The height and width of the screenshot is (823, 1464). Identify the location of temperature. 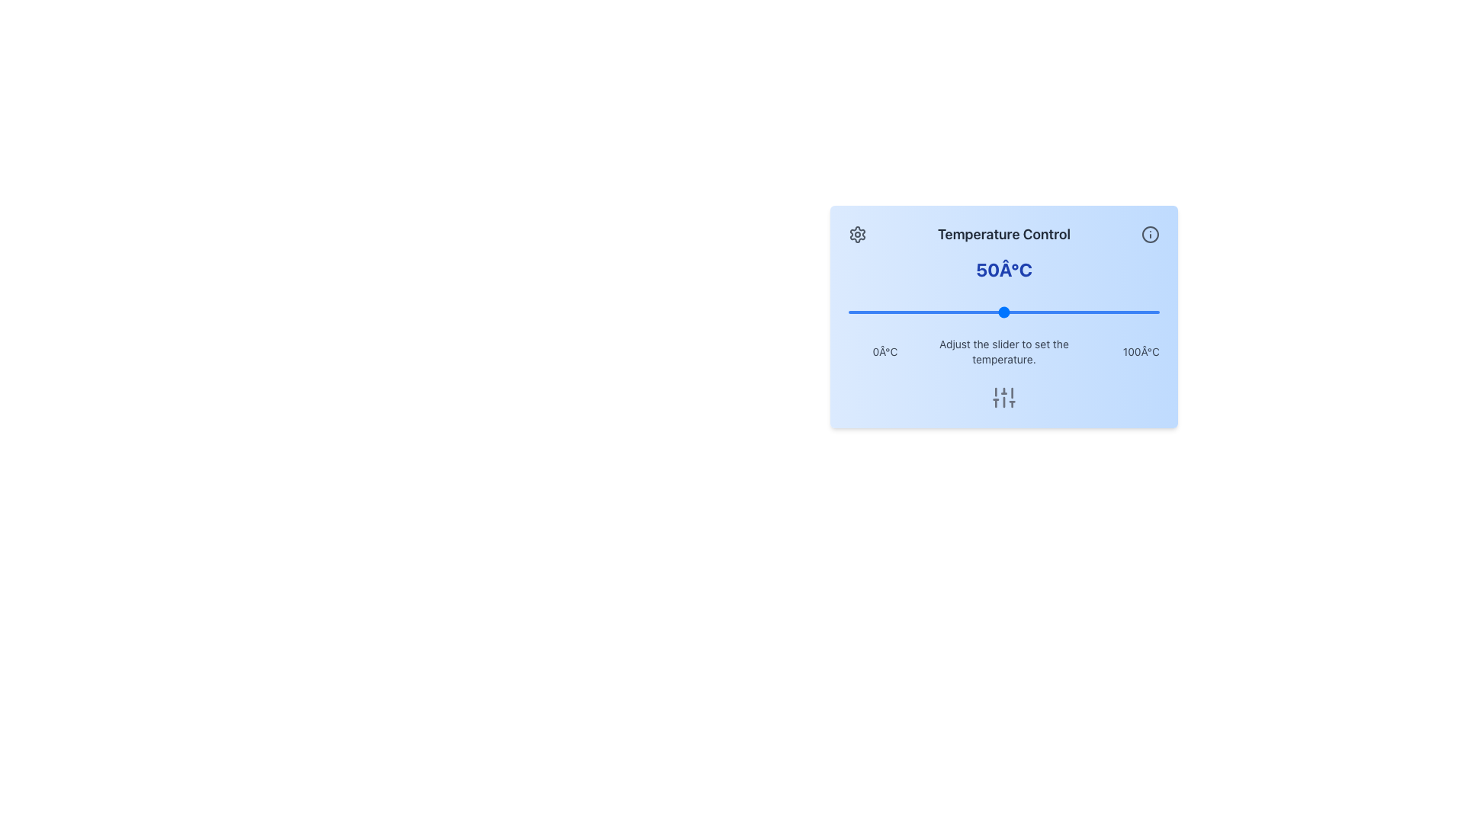
(876, 311).